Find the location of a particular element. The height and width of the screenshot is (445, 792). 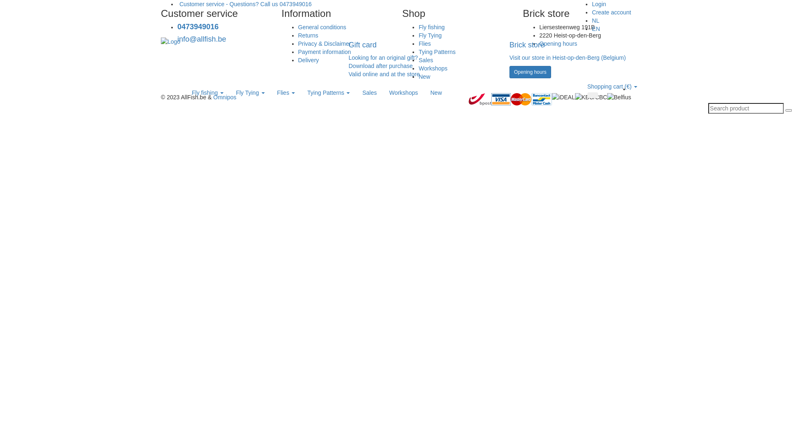

'Flies' is located at coordinates (286, 92).